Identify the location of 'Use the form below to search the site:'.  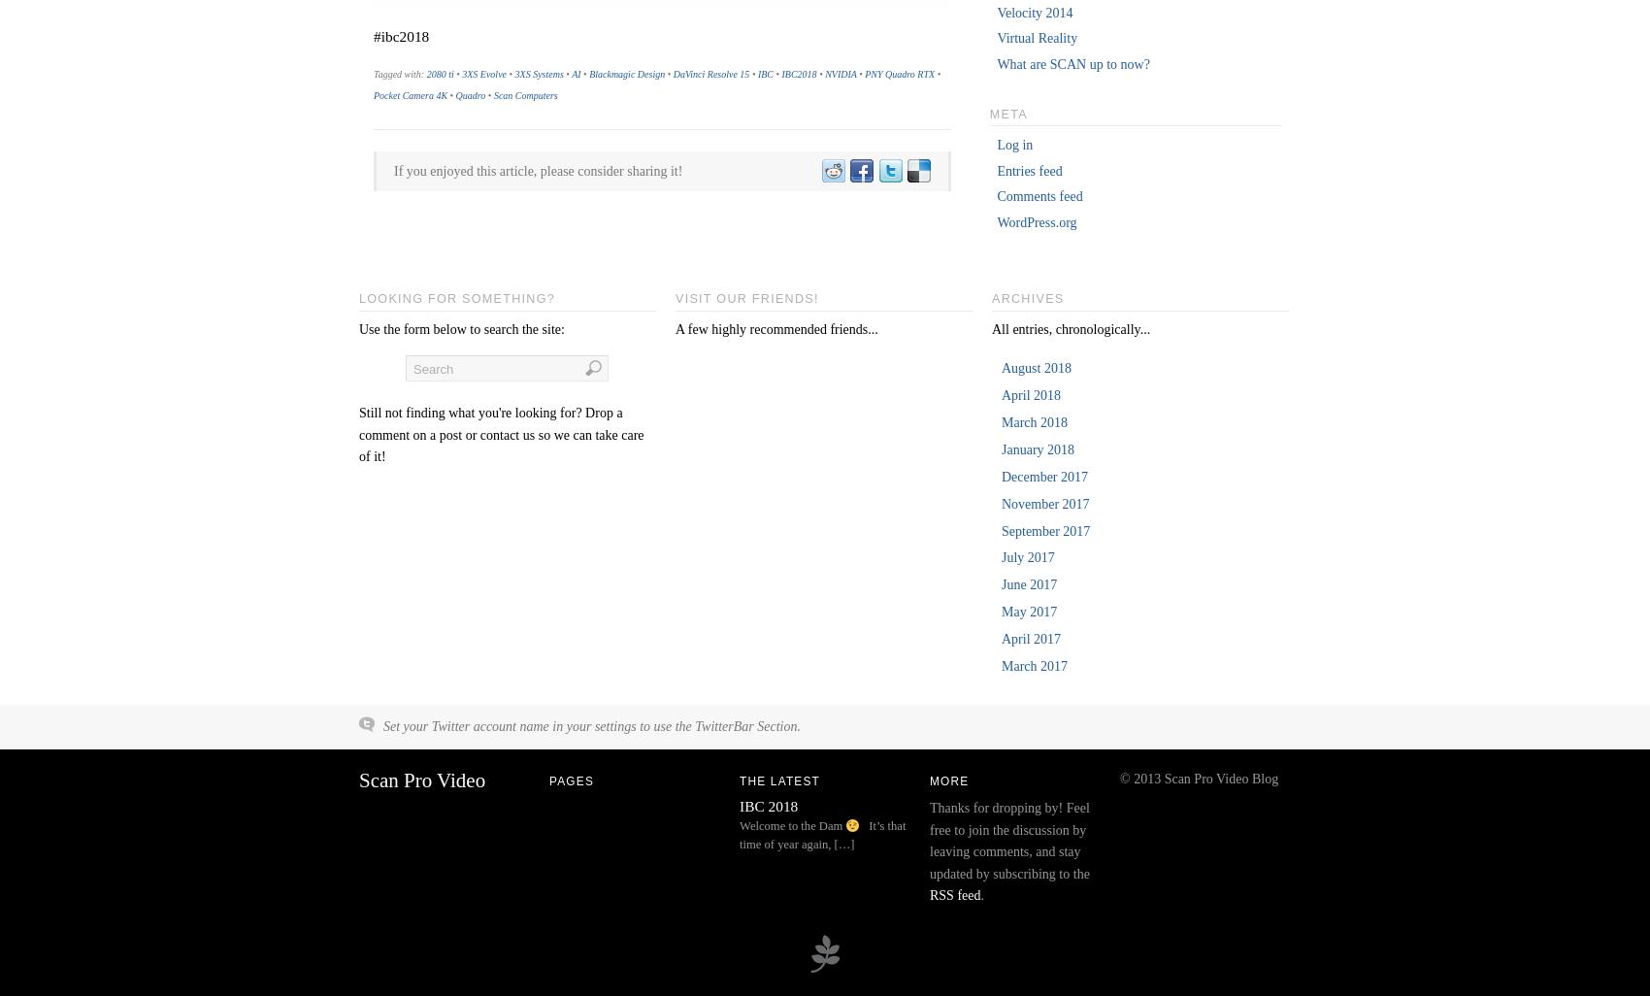
(461, 329).